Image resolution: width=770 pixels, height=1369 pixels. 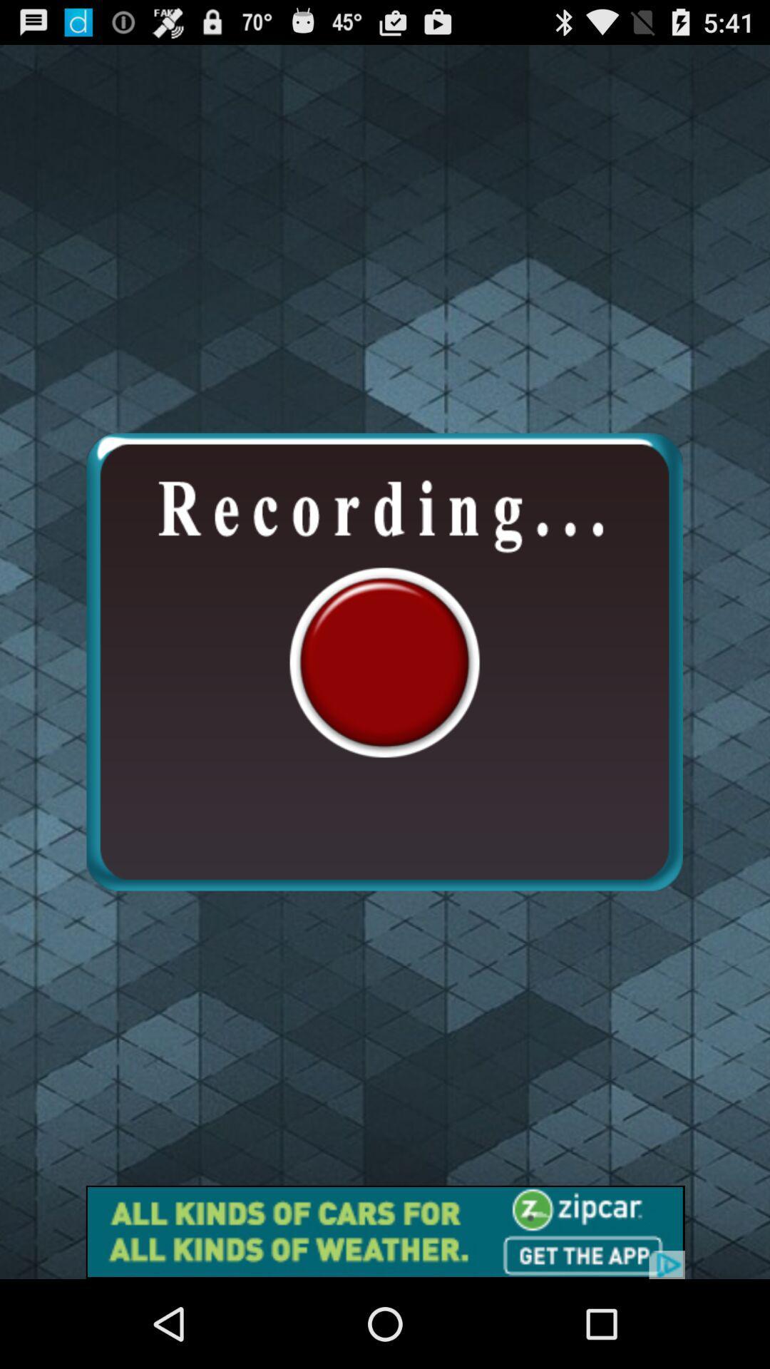 I want to click on install new app, so click(x=385, y=1231).